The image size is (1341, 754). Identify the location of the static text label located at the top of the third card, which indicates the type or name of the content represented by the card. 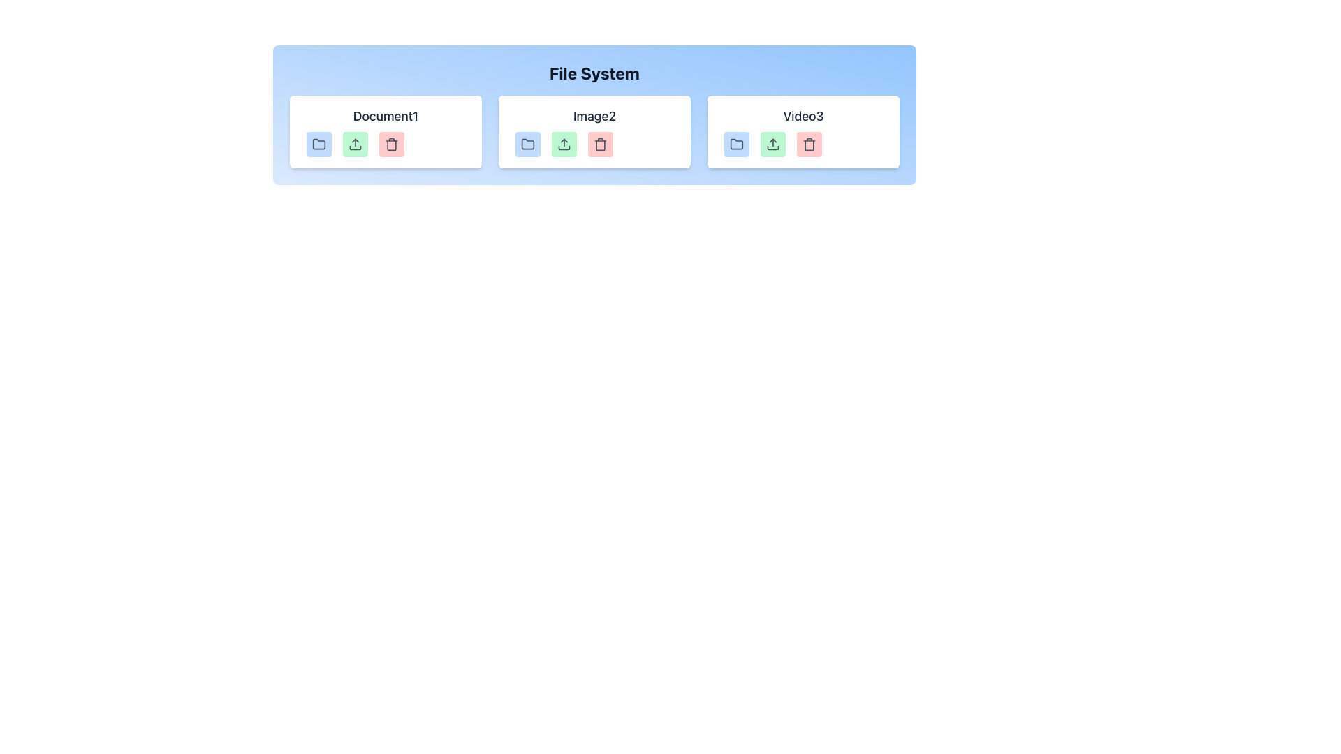
(803, 115).